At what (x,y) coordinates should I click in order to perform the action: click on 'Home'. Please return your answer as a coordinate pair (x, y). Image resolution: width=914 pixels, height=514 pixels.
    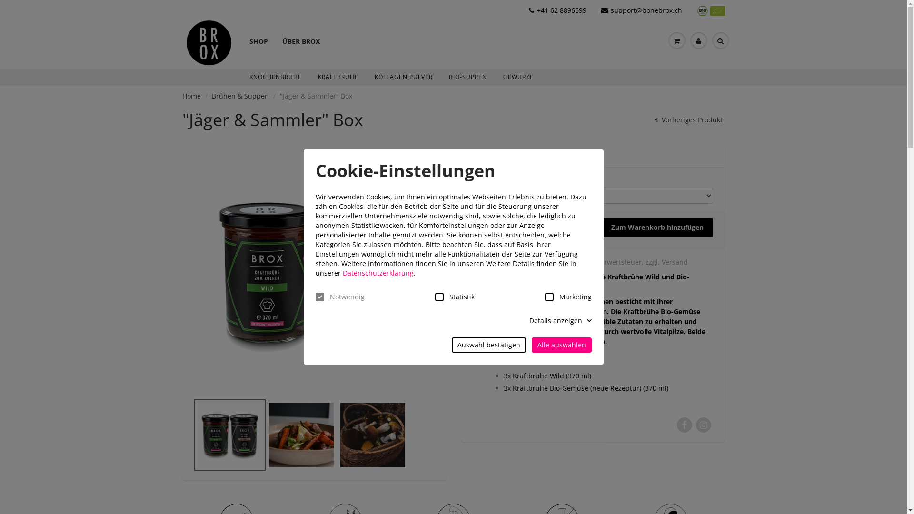
    Looking at the image, I should click on (190, 96).